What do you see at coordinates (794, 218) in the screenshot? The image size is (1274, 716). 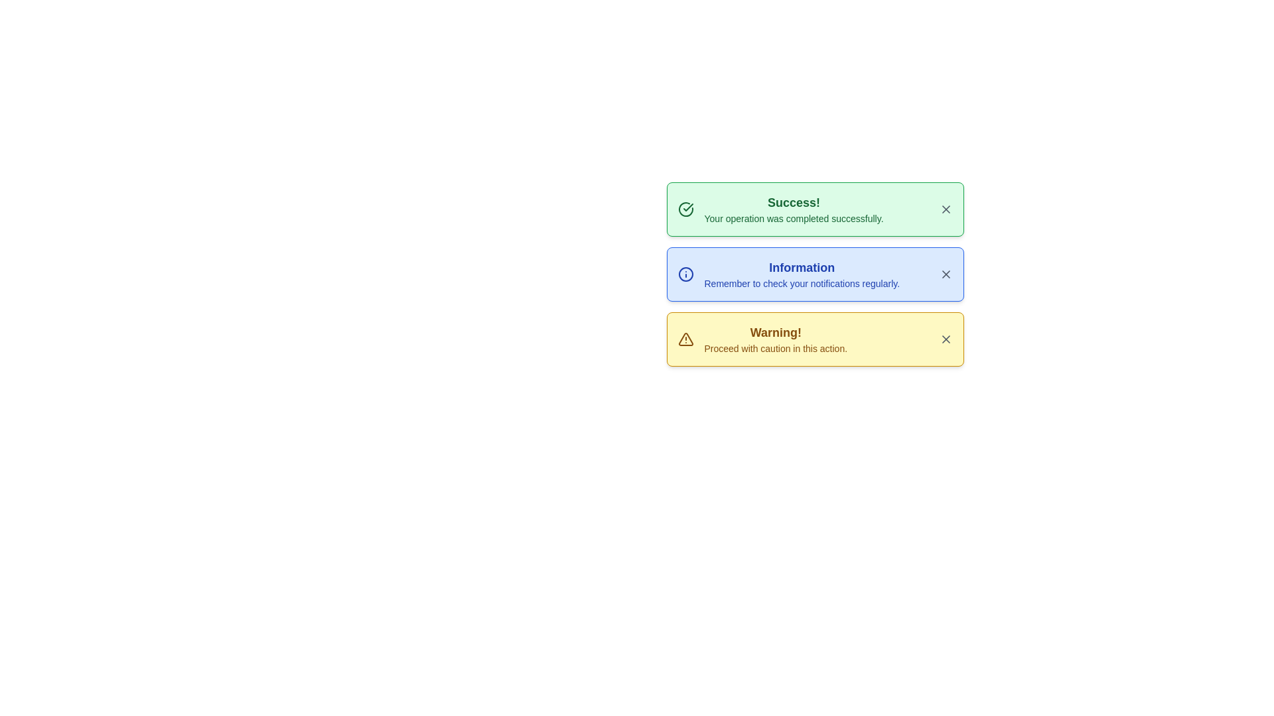 I see `the text message that reads 'Your operation was completed successfully.' which is styled in a smaller font and located beneath the bold title 'Success!' within a green background box` at bounding box center [794, 218].